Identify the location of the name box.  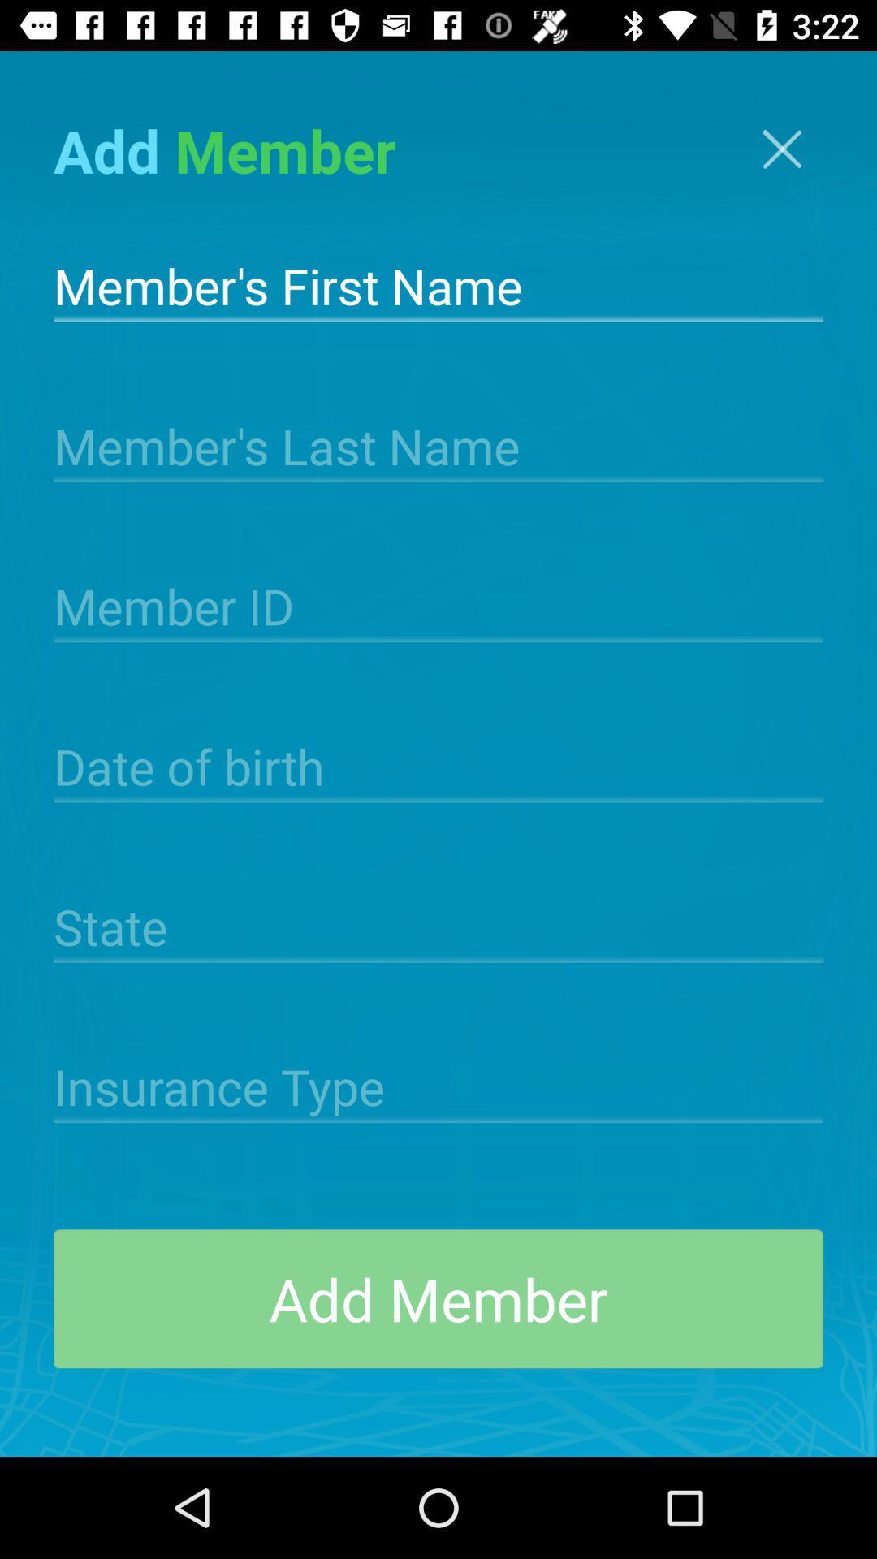
(438, 284).